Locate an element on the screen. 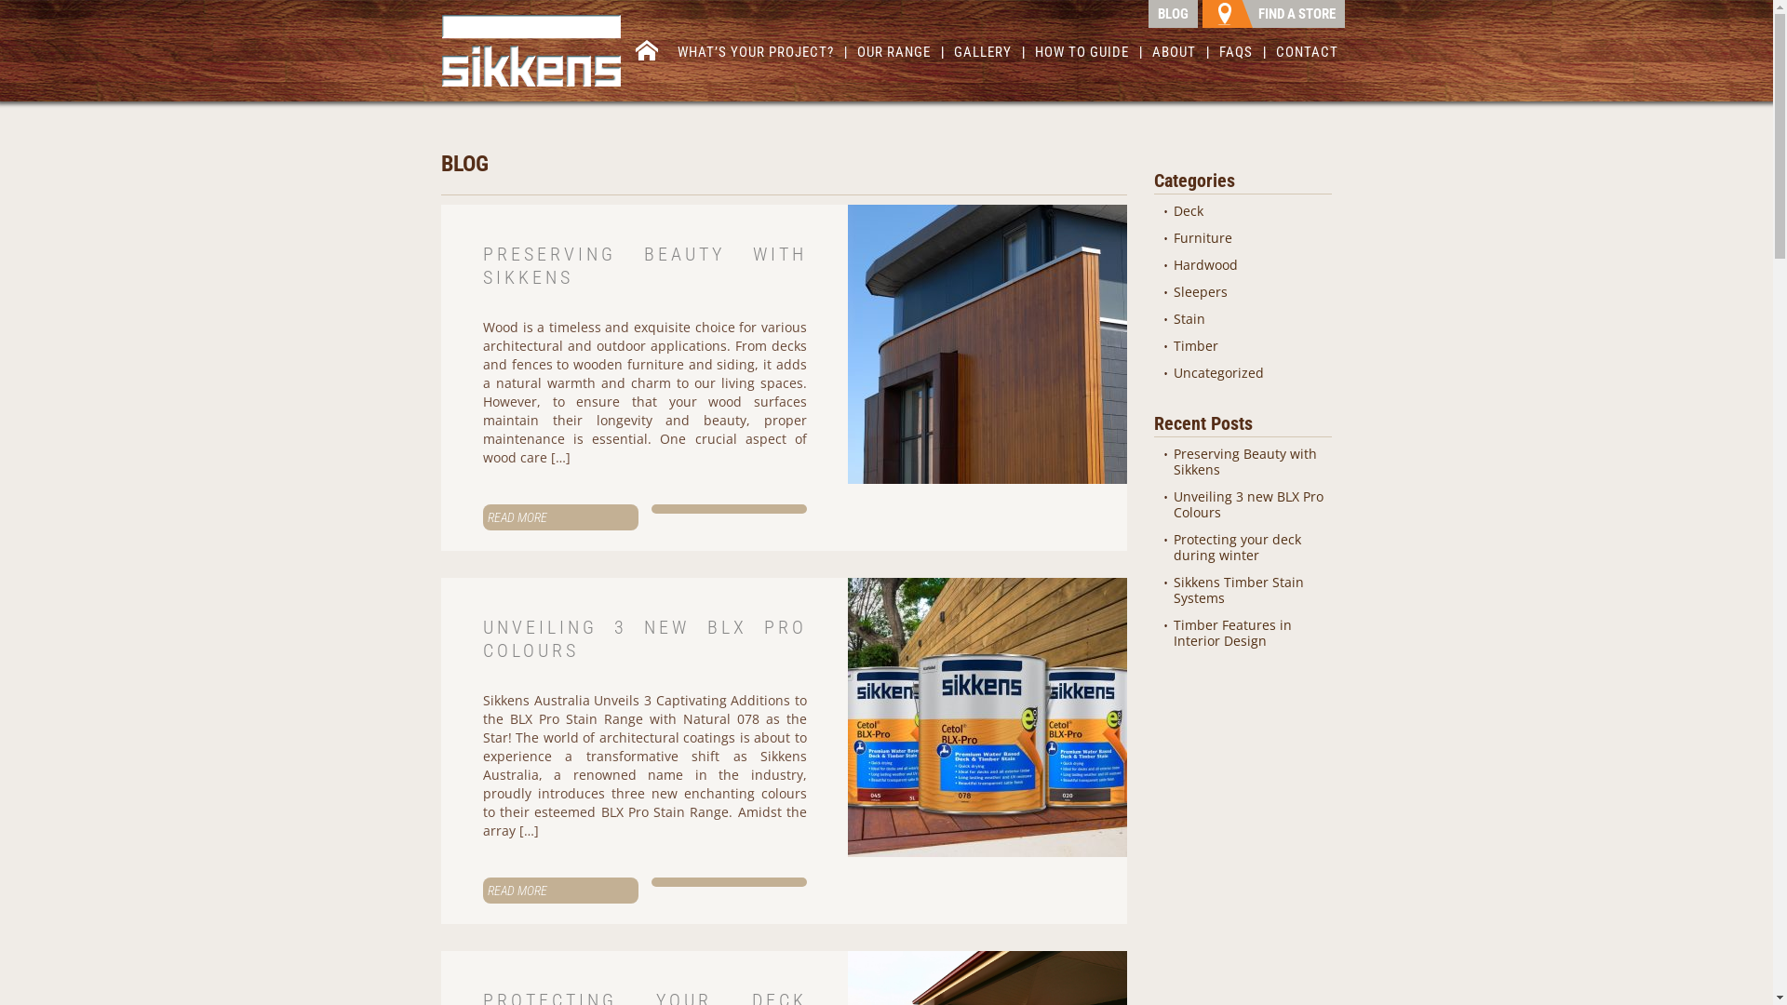 The width and height of the screenshot is (1787, 1005). 'Protecting your deck during winter' is located at coordinates (1237, 545).